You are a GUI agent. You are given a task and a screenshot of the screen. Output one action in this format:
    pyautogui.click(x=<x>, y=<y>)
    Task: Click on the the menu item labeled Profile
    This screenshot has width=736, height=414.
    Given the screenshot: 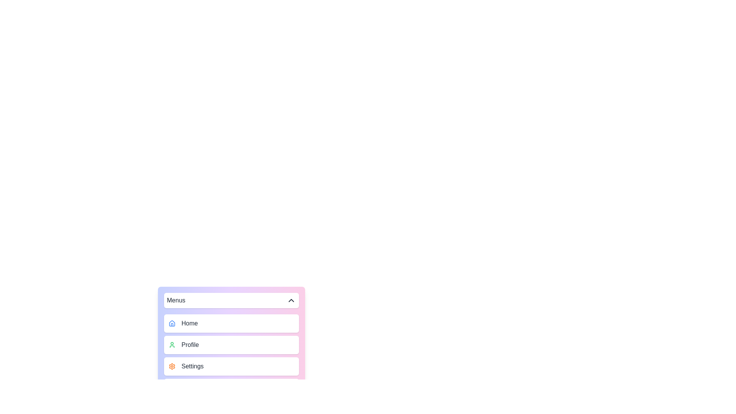 What is the action you would take?
    pyautogui.click(x=231, y=344)
    